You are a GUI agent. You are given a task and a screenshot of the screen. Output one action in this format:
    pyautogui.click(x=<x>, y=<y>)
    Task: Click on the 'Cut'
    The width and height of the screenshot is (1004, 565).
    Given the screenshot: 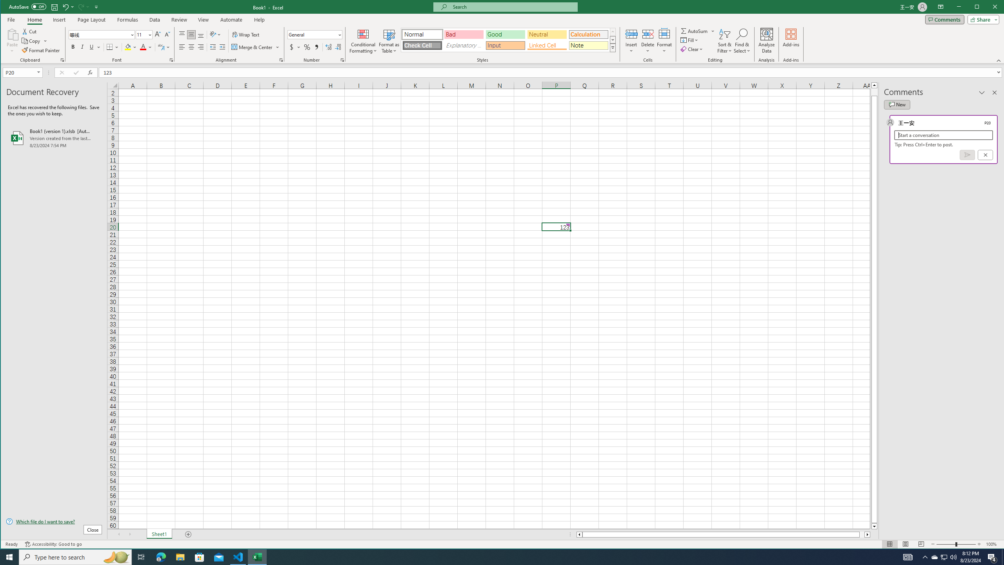 What is the action you would take?
    pyautogui.click(x=29, y=31)
    